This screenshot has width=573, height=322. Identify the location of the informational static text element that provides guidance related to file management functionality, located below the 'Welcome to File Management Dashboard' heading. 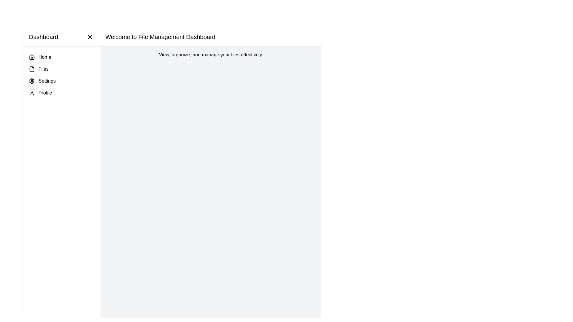
(211, 55).